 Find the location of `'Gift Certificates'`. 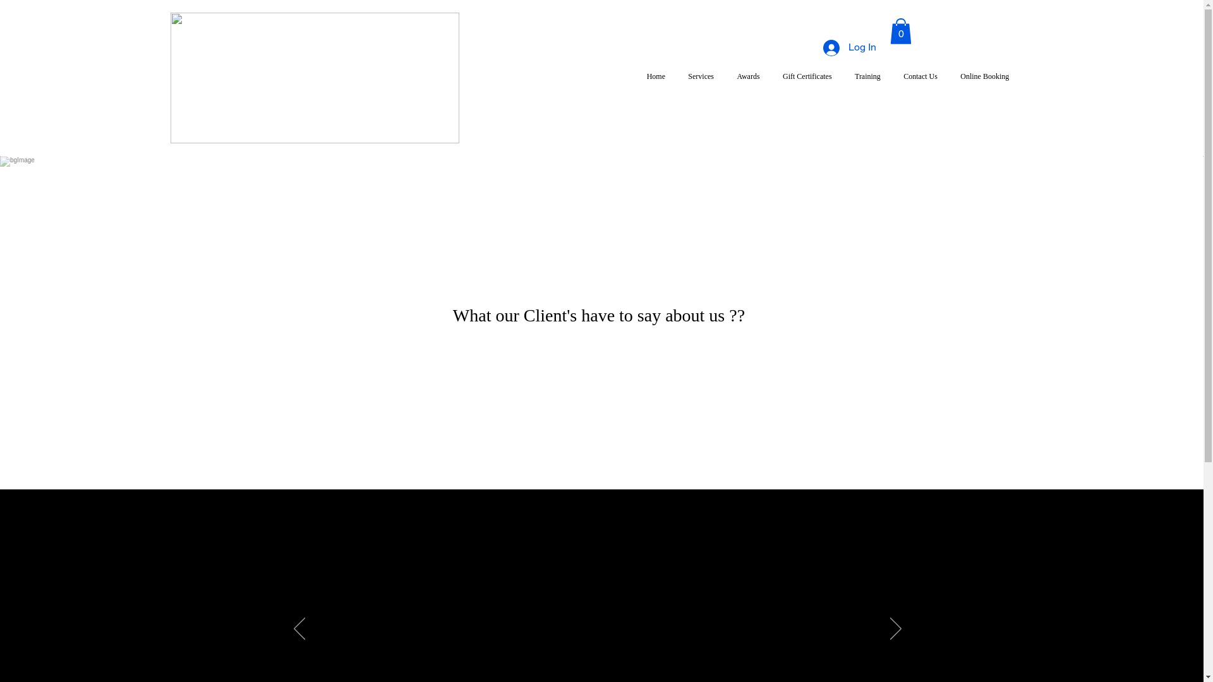

'Gift Certificates' is located at coordinates (806, 76).